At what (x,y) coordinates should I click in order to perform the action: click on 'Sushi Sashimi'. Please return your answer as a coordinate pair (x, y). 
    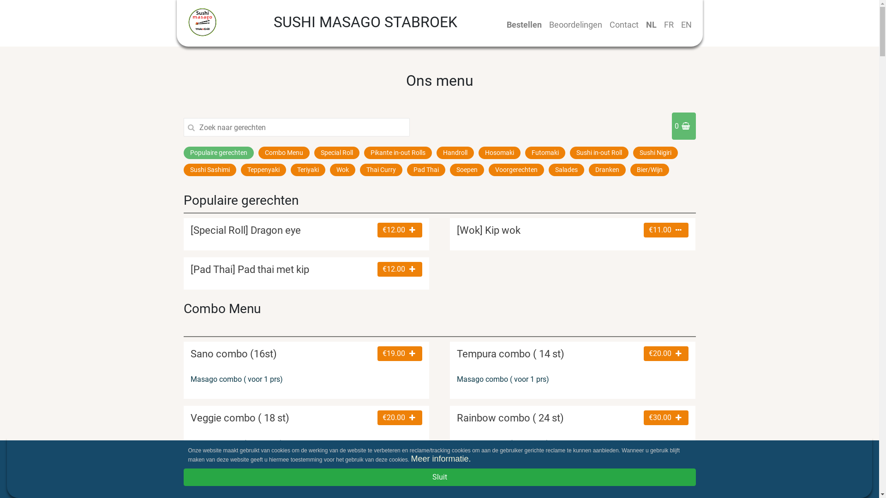
    Looking at the image, I should click on (210, 170).